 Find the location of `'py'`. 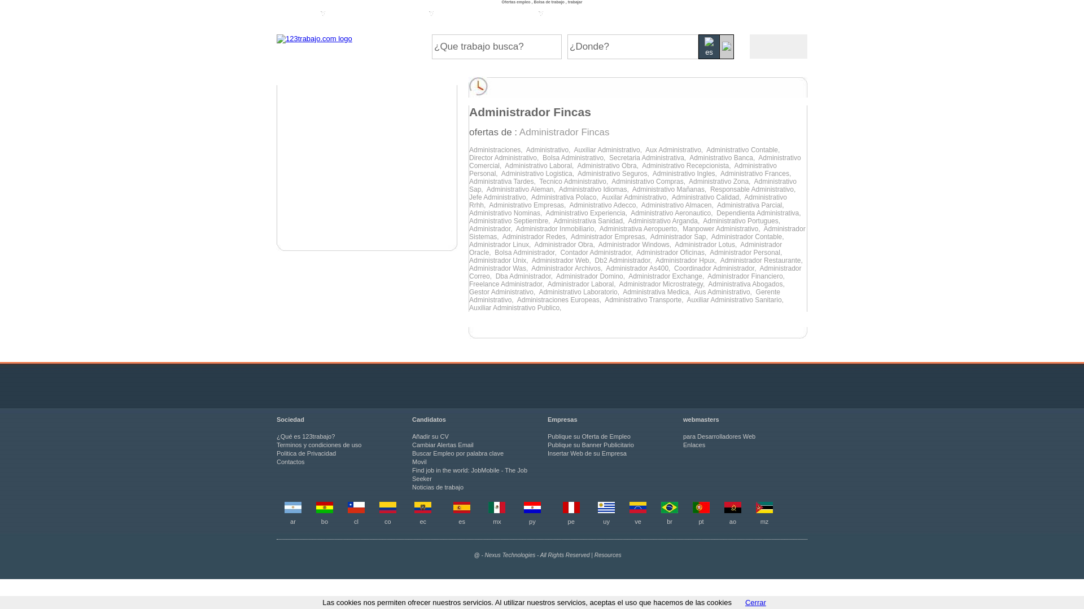

'py' is located at coordinates (531, 522).